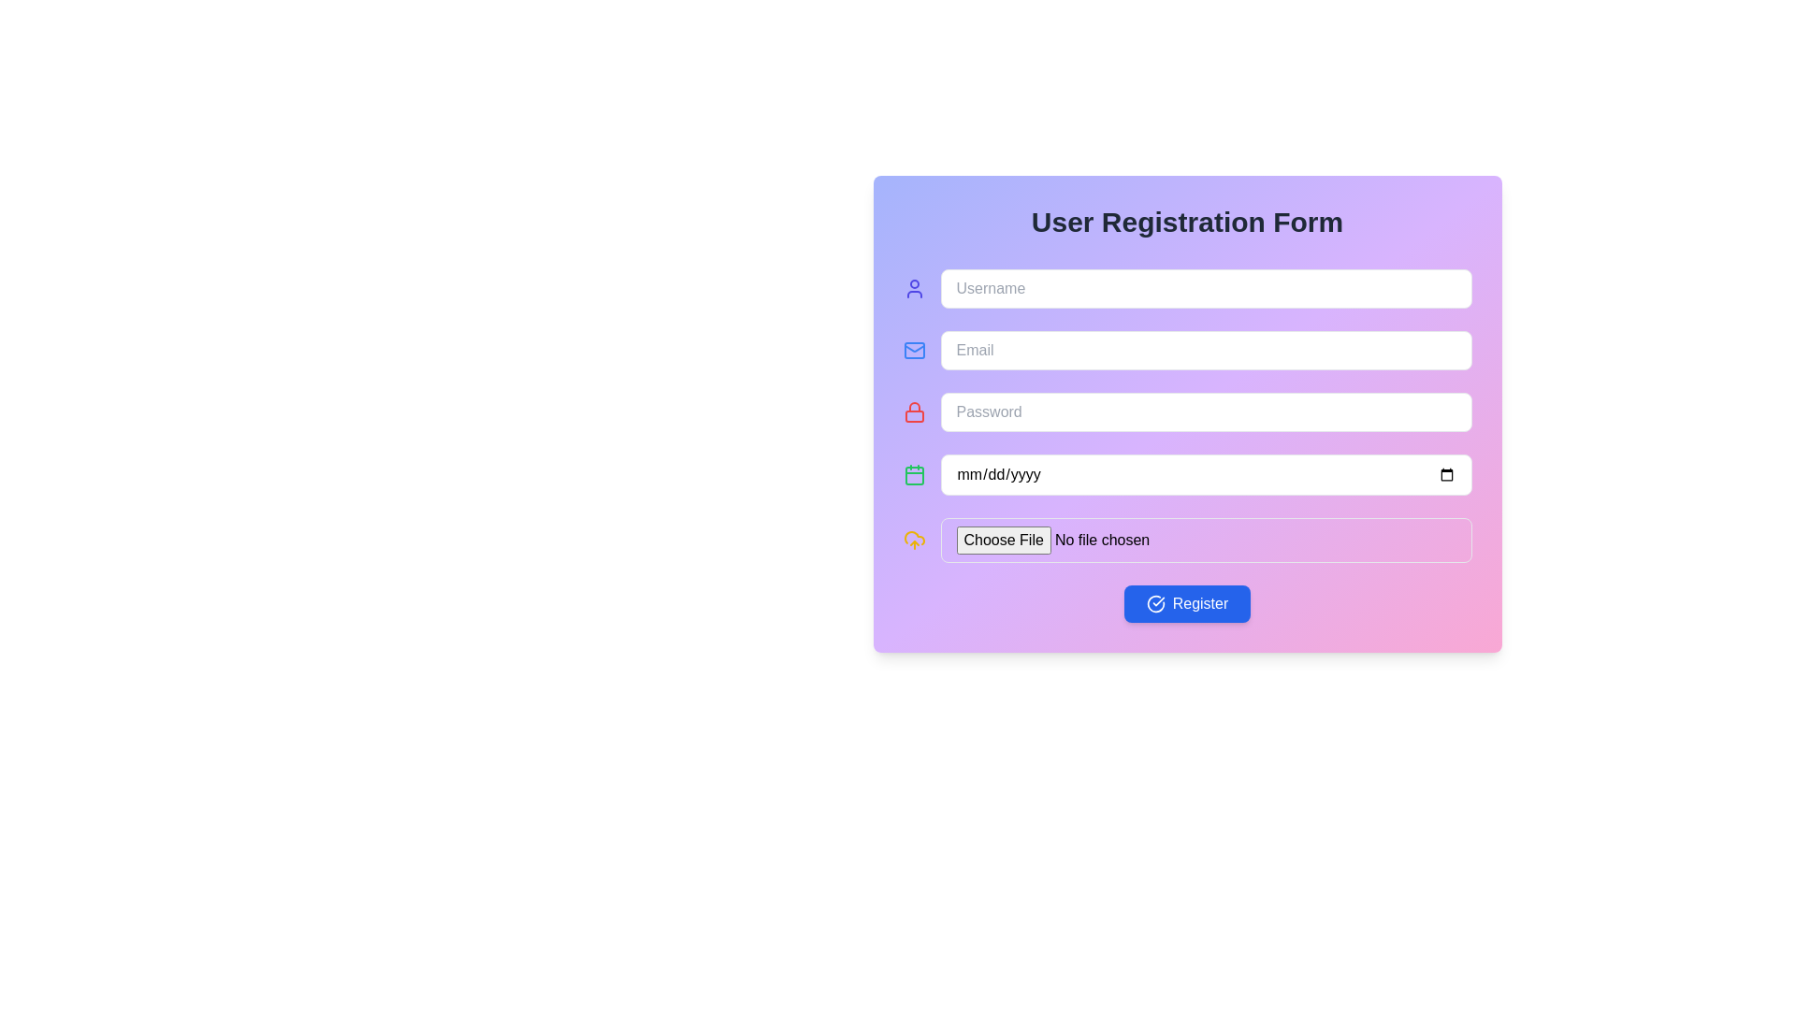  What do you see at coordinates (914, 411) in the screenshot?
I see `the lock icon styled with class 'lucide-lock', which is red and positioned on the left side of the password input field in a form layout` at bounding box center [914, 411].